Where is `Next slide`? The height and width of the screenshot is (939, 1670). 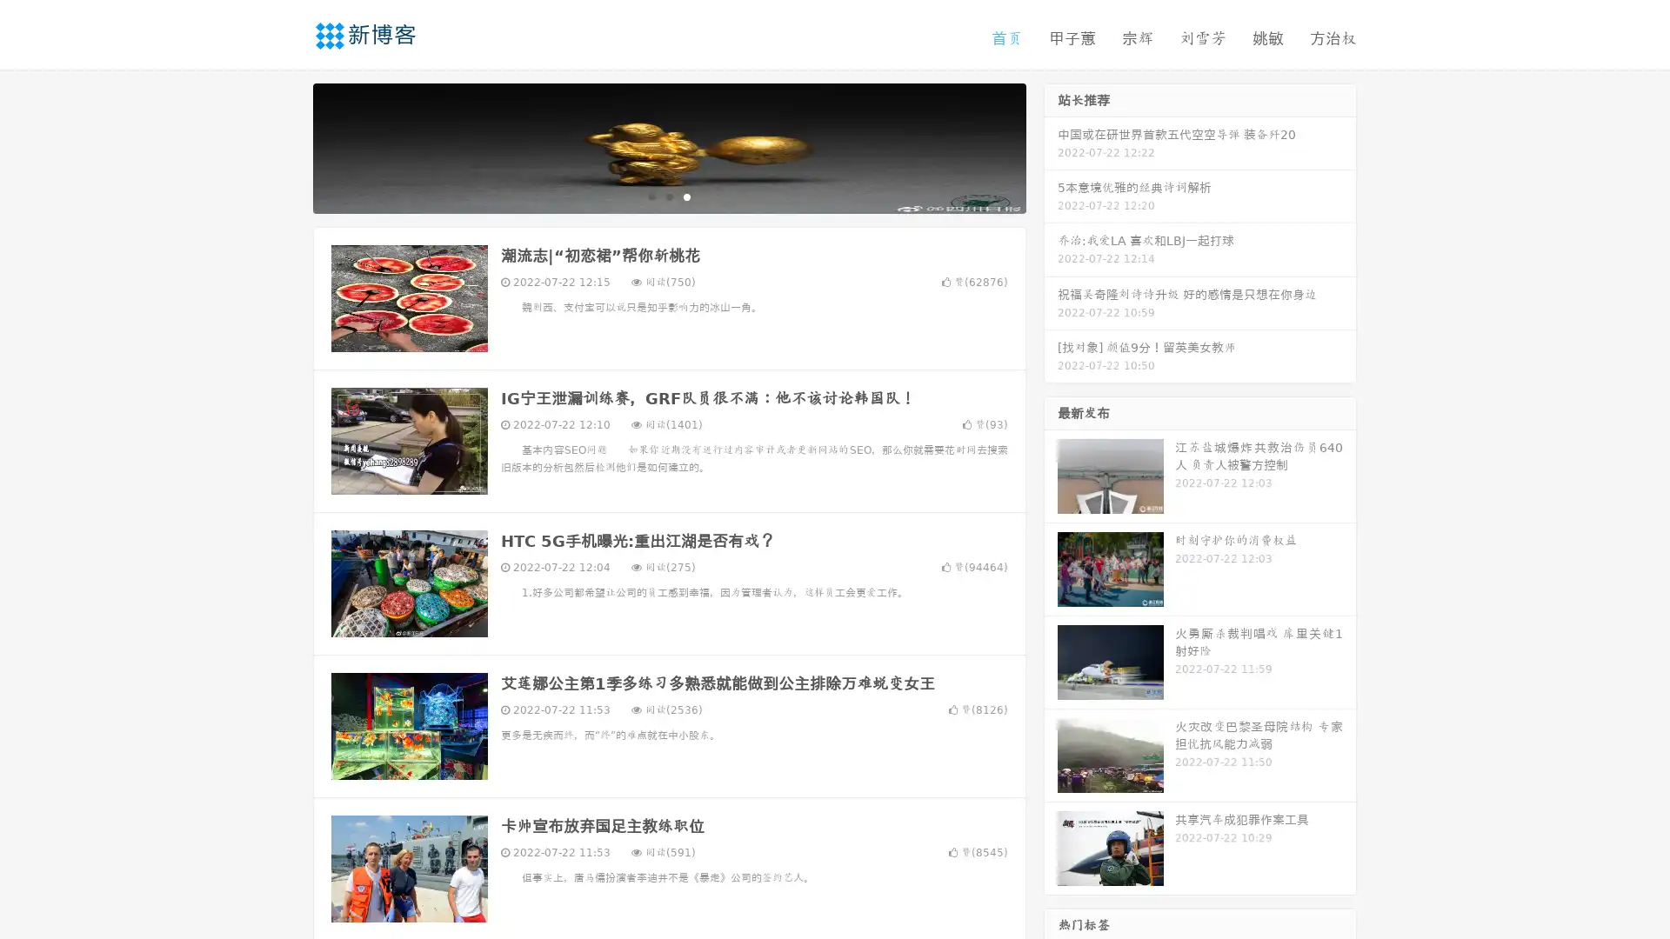
Next slide is located at coordinates (1051, 146).